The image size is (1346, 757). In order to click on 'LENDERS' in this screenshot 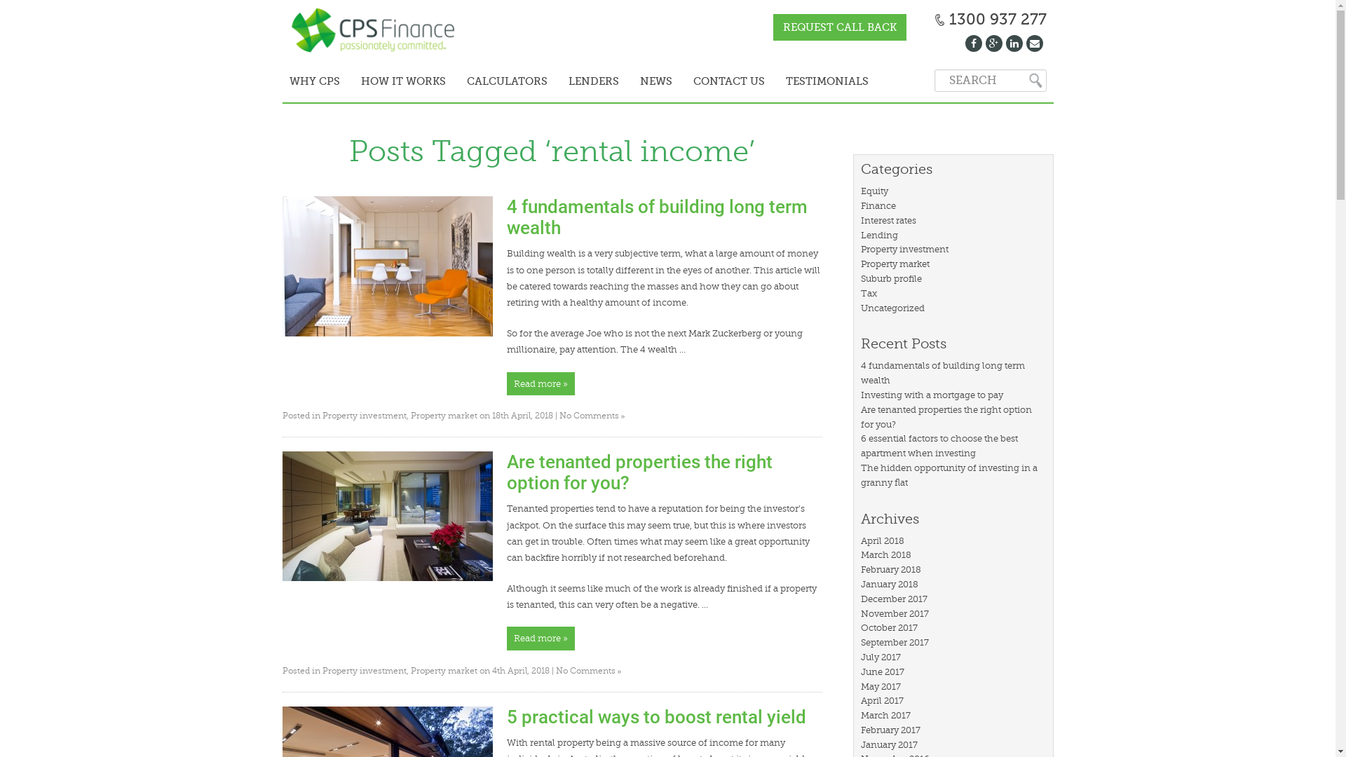, I will do `click(593, 79)`.